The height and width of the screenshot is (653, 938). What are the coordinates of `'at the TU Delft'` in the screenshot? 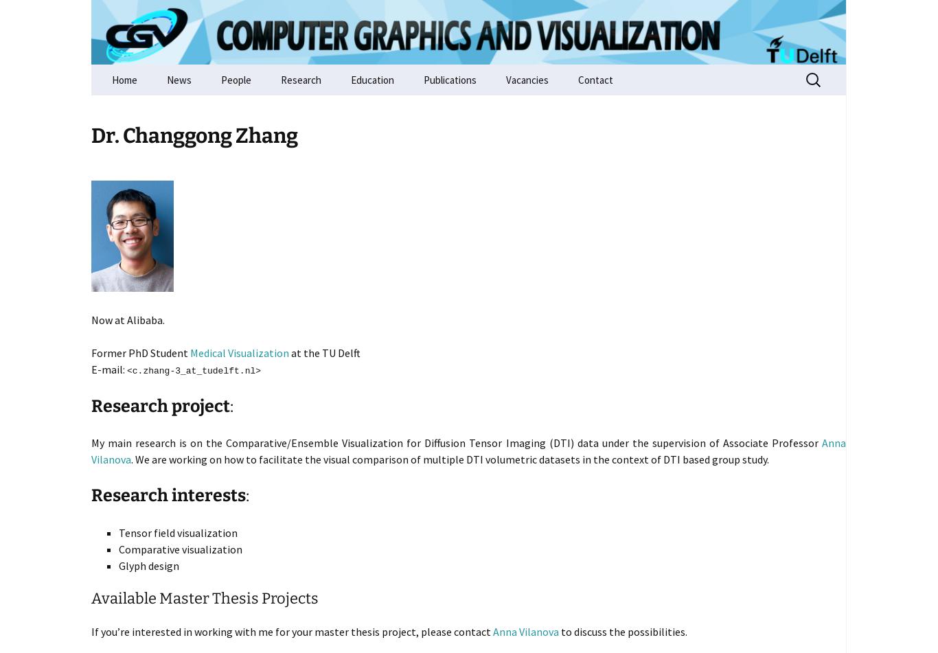 It's located at (325, 352).